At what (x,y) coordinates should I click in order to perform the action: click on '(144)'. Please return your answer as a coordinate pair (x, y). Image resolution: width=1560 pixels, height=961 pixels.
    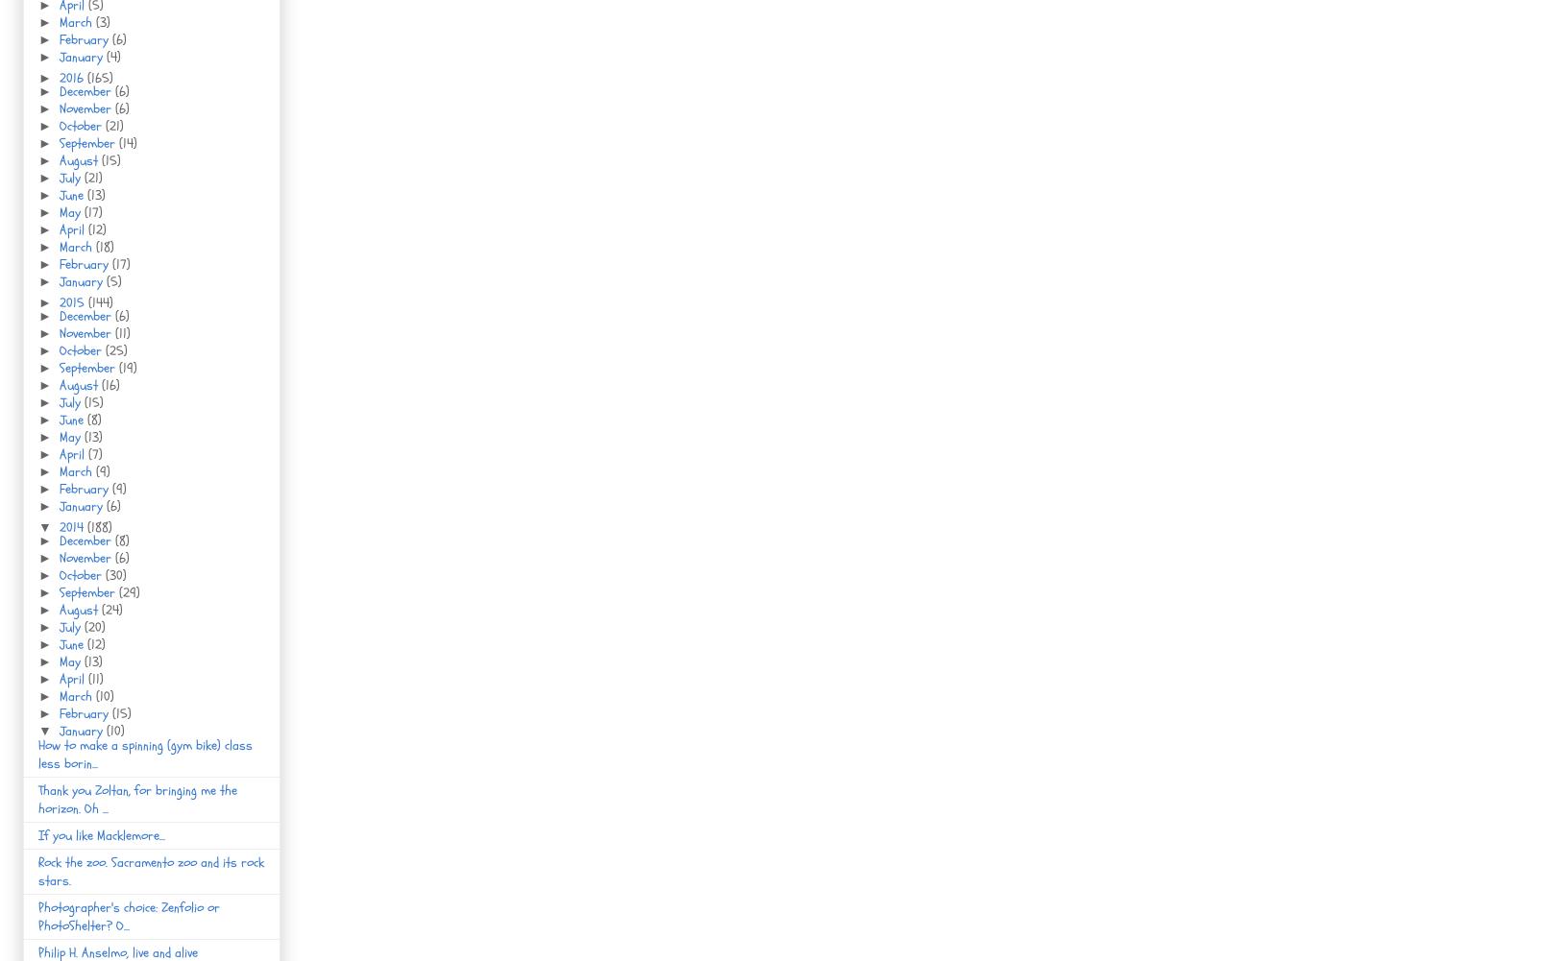
    Looking at the image, I should click on (86, 301).